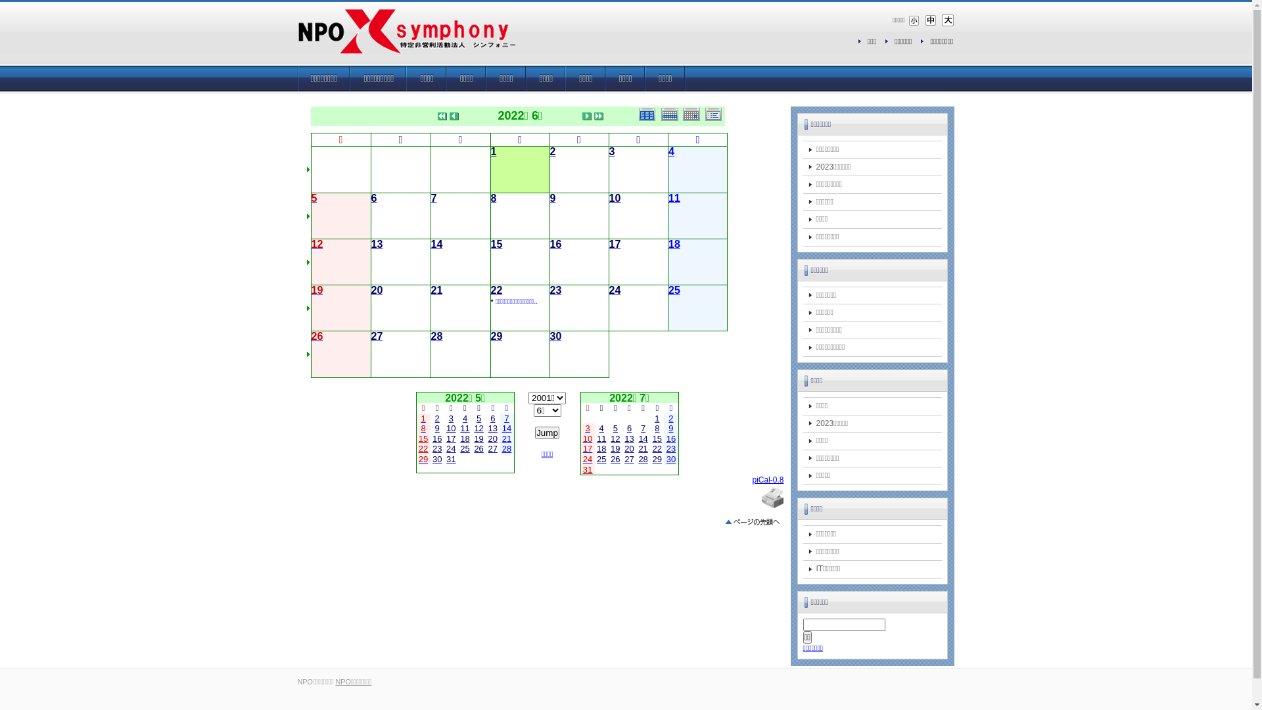 The height and width of the screenshot is (710, 1262). What do you see at coordinates (614, 291) in the screenshot?
I see `'24'` at bounding box center [614, 291].